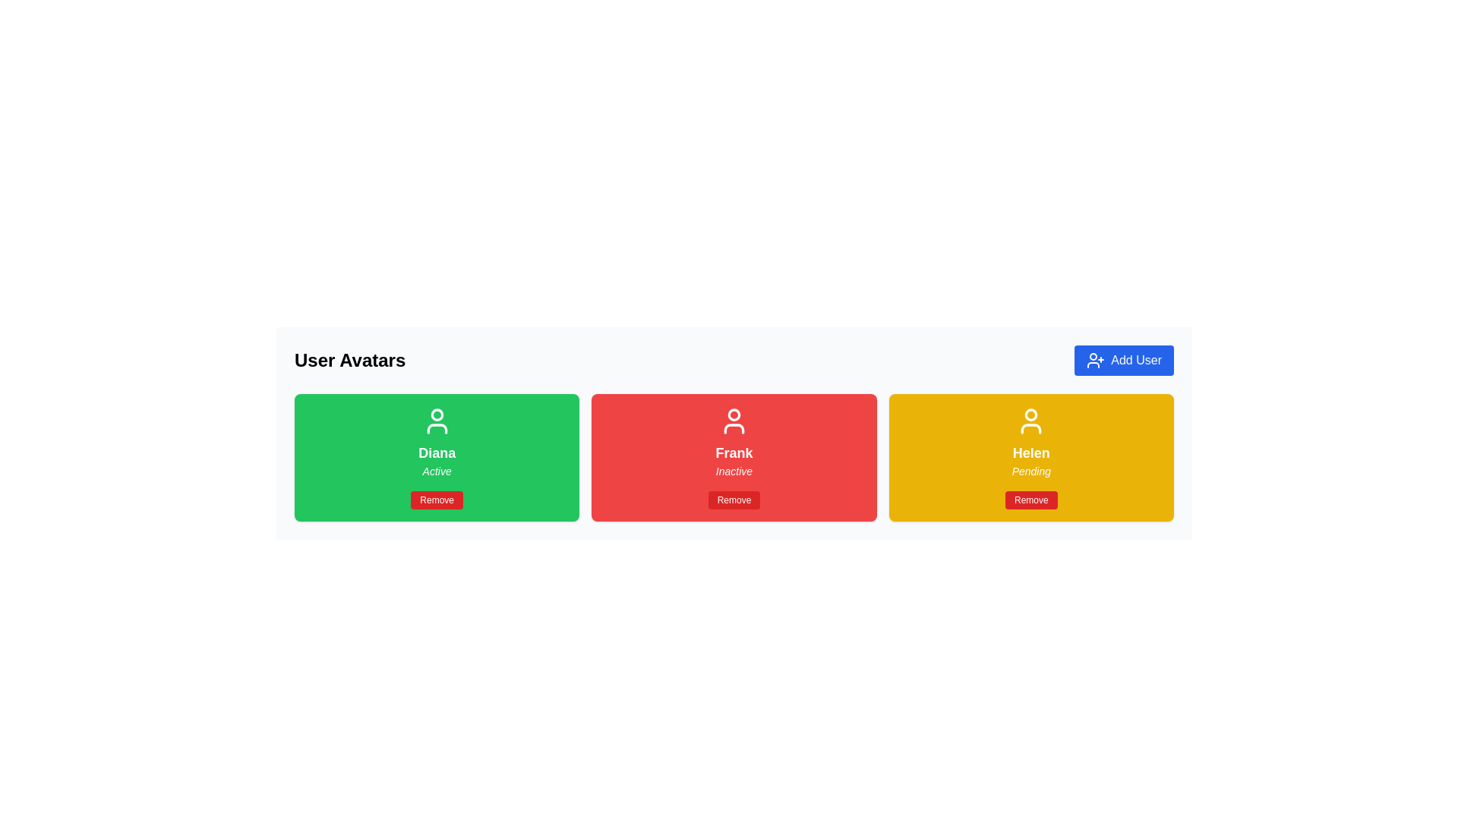 The width and height of the screenshot is (1458, 820). What do you see at coordinates (734, 453) in the screenshot?
I see `the text label that identifies the card for user 'Frank', which is centrally located within the red rectangular card` at bounding box center [734, 453].